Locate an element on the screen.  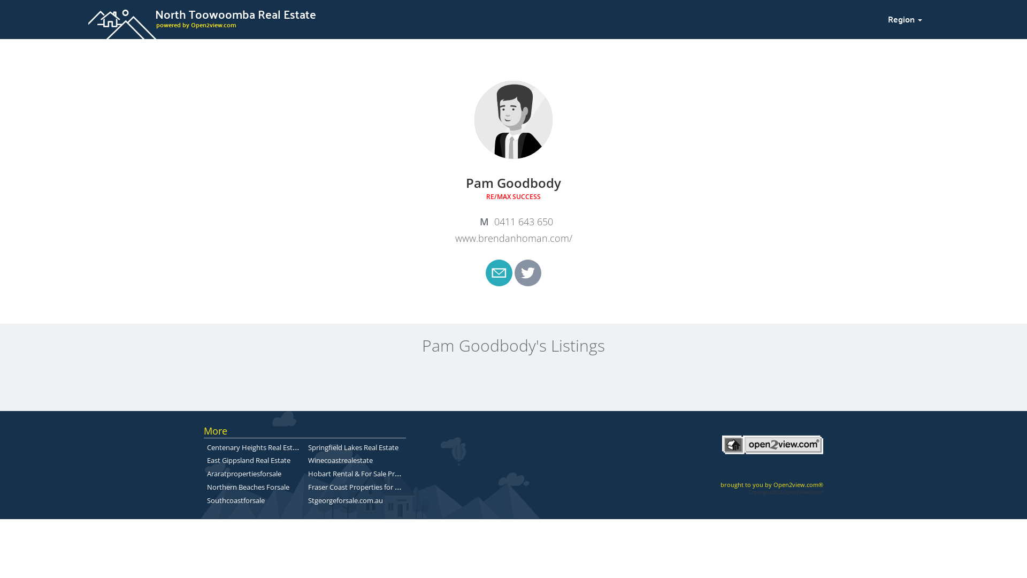
'Springfield Lakes Real Estate' is located at coordinates (353, 447).